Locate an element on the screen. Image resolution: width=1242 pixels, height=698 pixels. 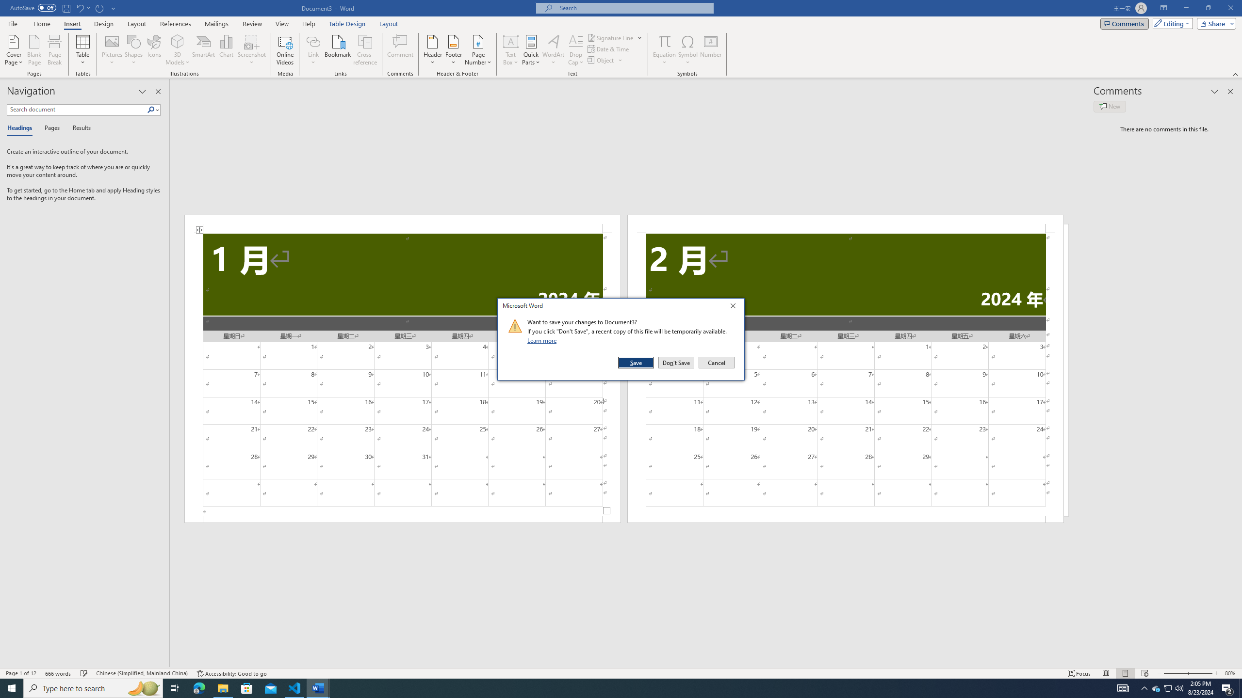
'Visual Studio Code - 1 running window' is located at coordinates (294, 687).